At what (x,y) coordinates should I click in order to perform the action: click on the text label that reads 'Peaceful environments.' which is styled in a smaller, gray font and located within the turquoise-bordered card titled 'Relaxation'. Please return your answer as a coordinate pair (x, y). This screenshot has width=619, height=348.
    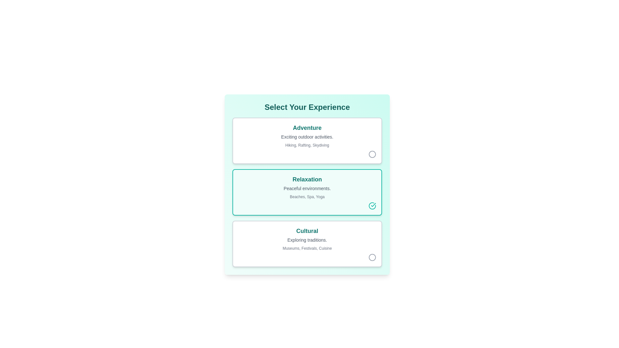
    Looking at the image, I should click on (307, 188).